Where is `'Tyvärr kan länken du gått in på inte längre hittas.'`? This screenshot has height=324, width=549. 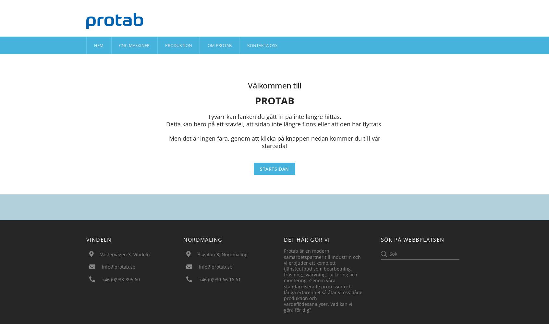
'Tyvärr kan länken du gått in på inte längre hittas.' is located at coordinates (208, 116).